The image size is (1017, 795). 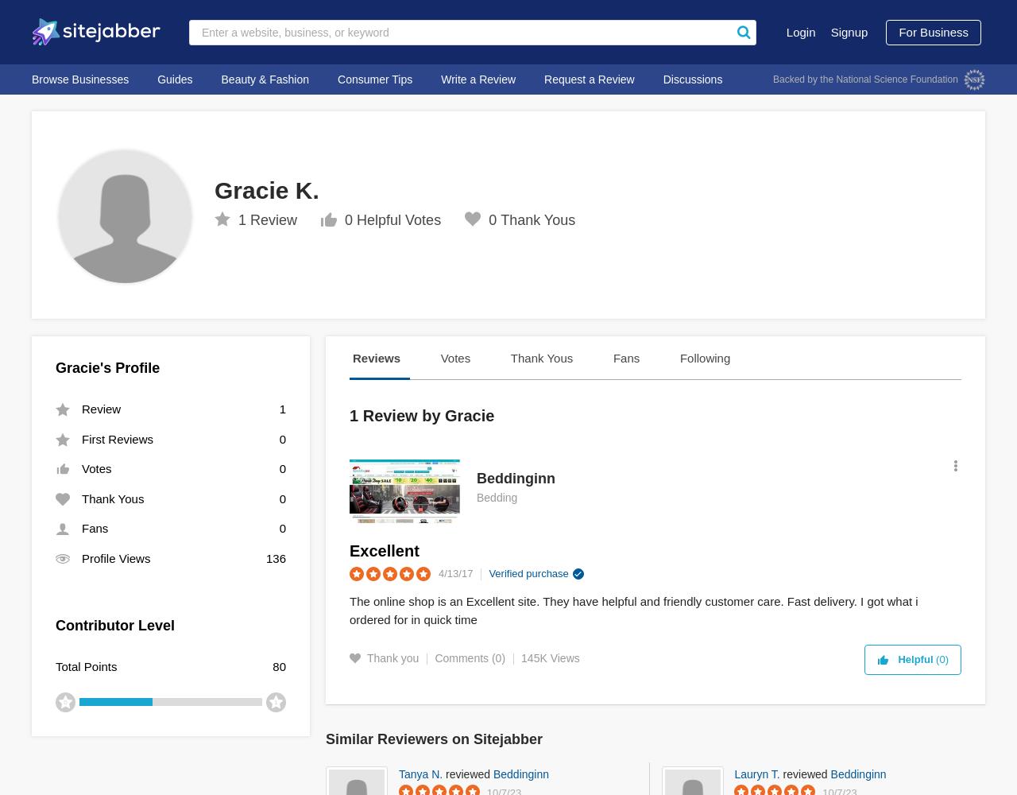 What do you see at coordinates (588, 79) in the screenshot?
I see `'Request a Review'` at bounding box center [588, 79].